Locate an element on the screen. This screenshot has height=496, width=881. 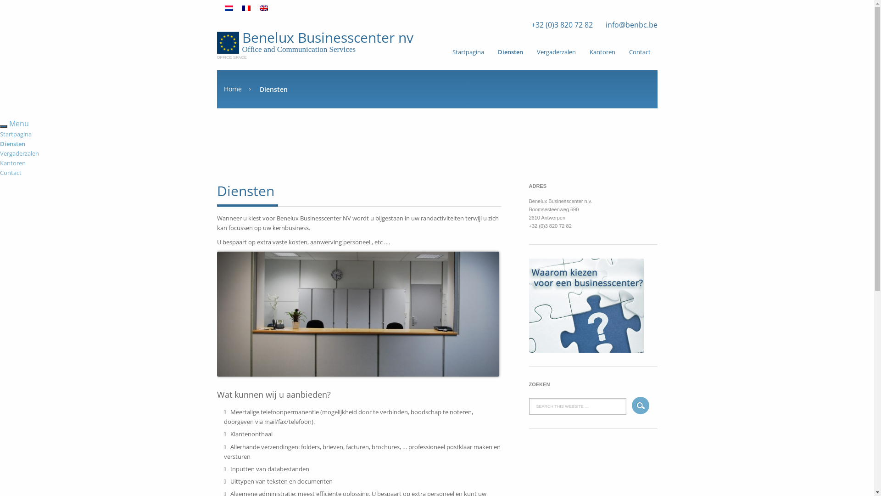
'Vergaderzalen' is located at coordinates (555, 51).